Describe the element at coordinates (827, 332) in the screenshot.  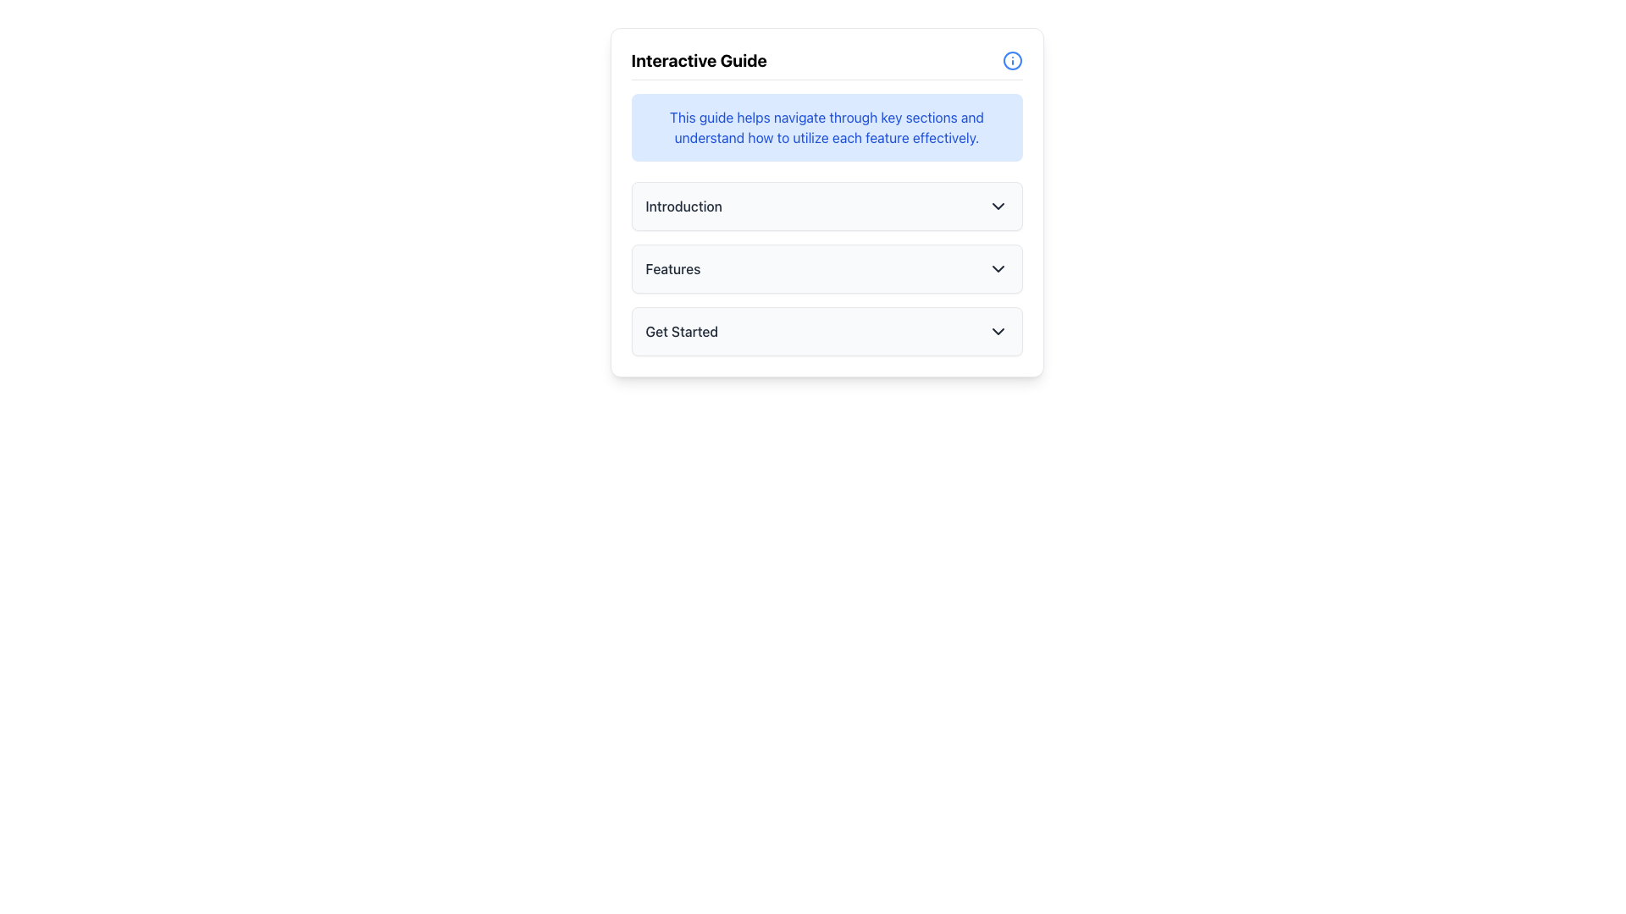
I see `the selectable card or button located below the 'Features' card in the vertical list` at that location.